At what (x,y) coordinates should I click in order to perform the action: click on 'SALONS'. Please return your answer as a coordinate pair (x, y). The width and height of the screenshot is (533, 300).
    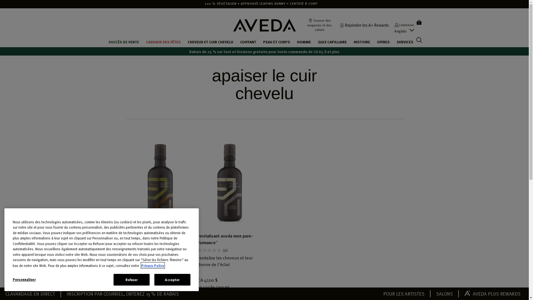
    Looking at the image, I should click on (436, 293).